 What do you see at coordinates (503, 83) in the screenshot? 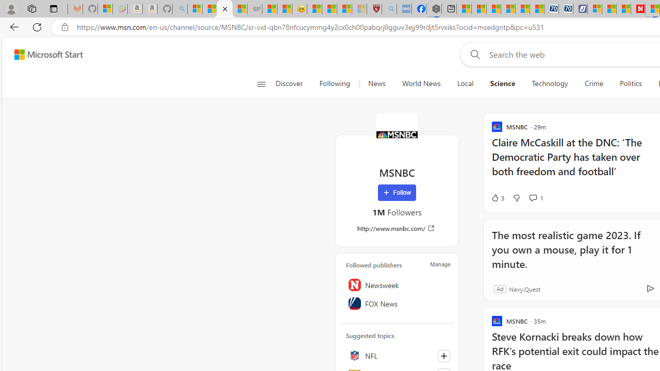
I see `'Science'` at bounding box center [503, 83].